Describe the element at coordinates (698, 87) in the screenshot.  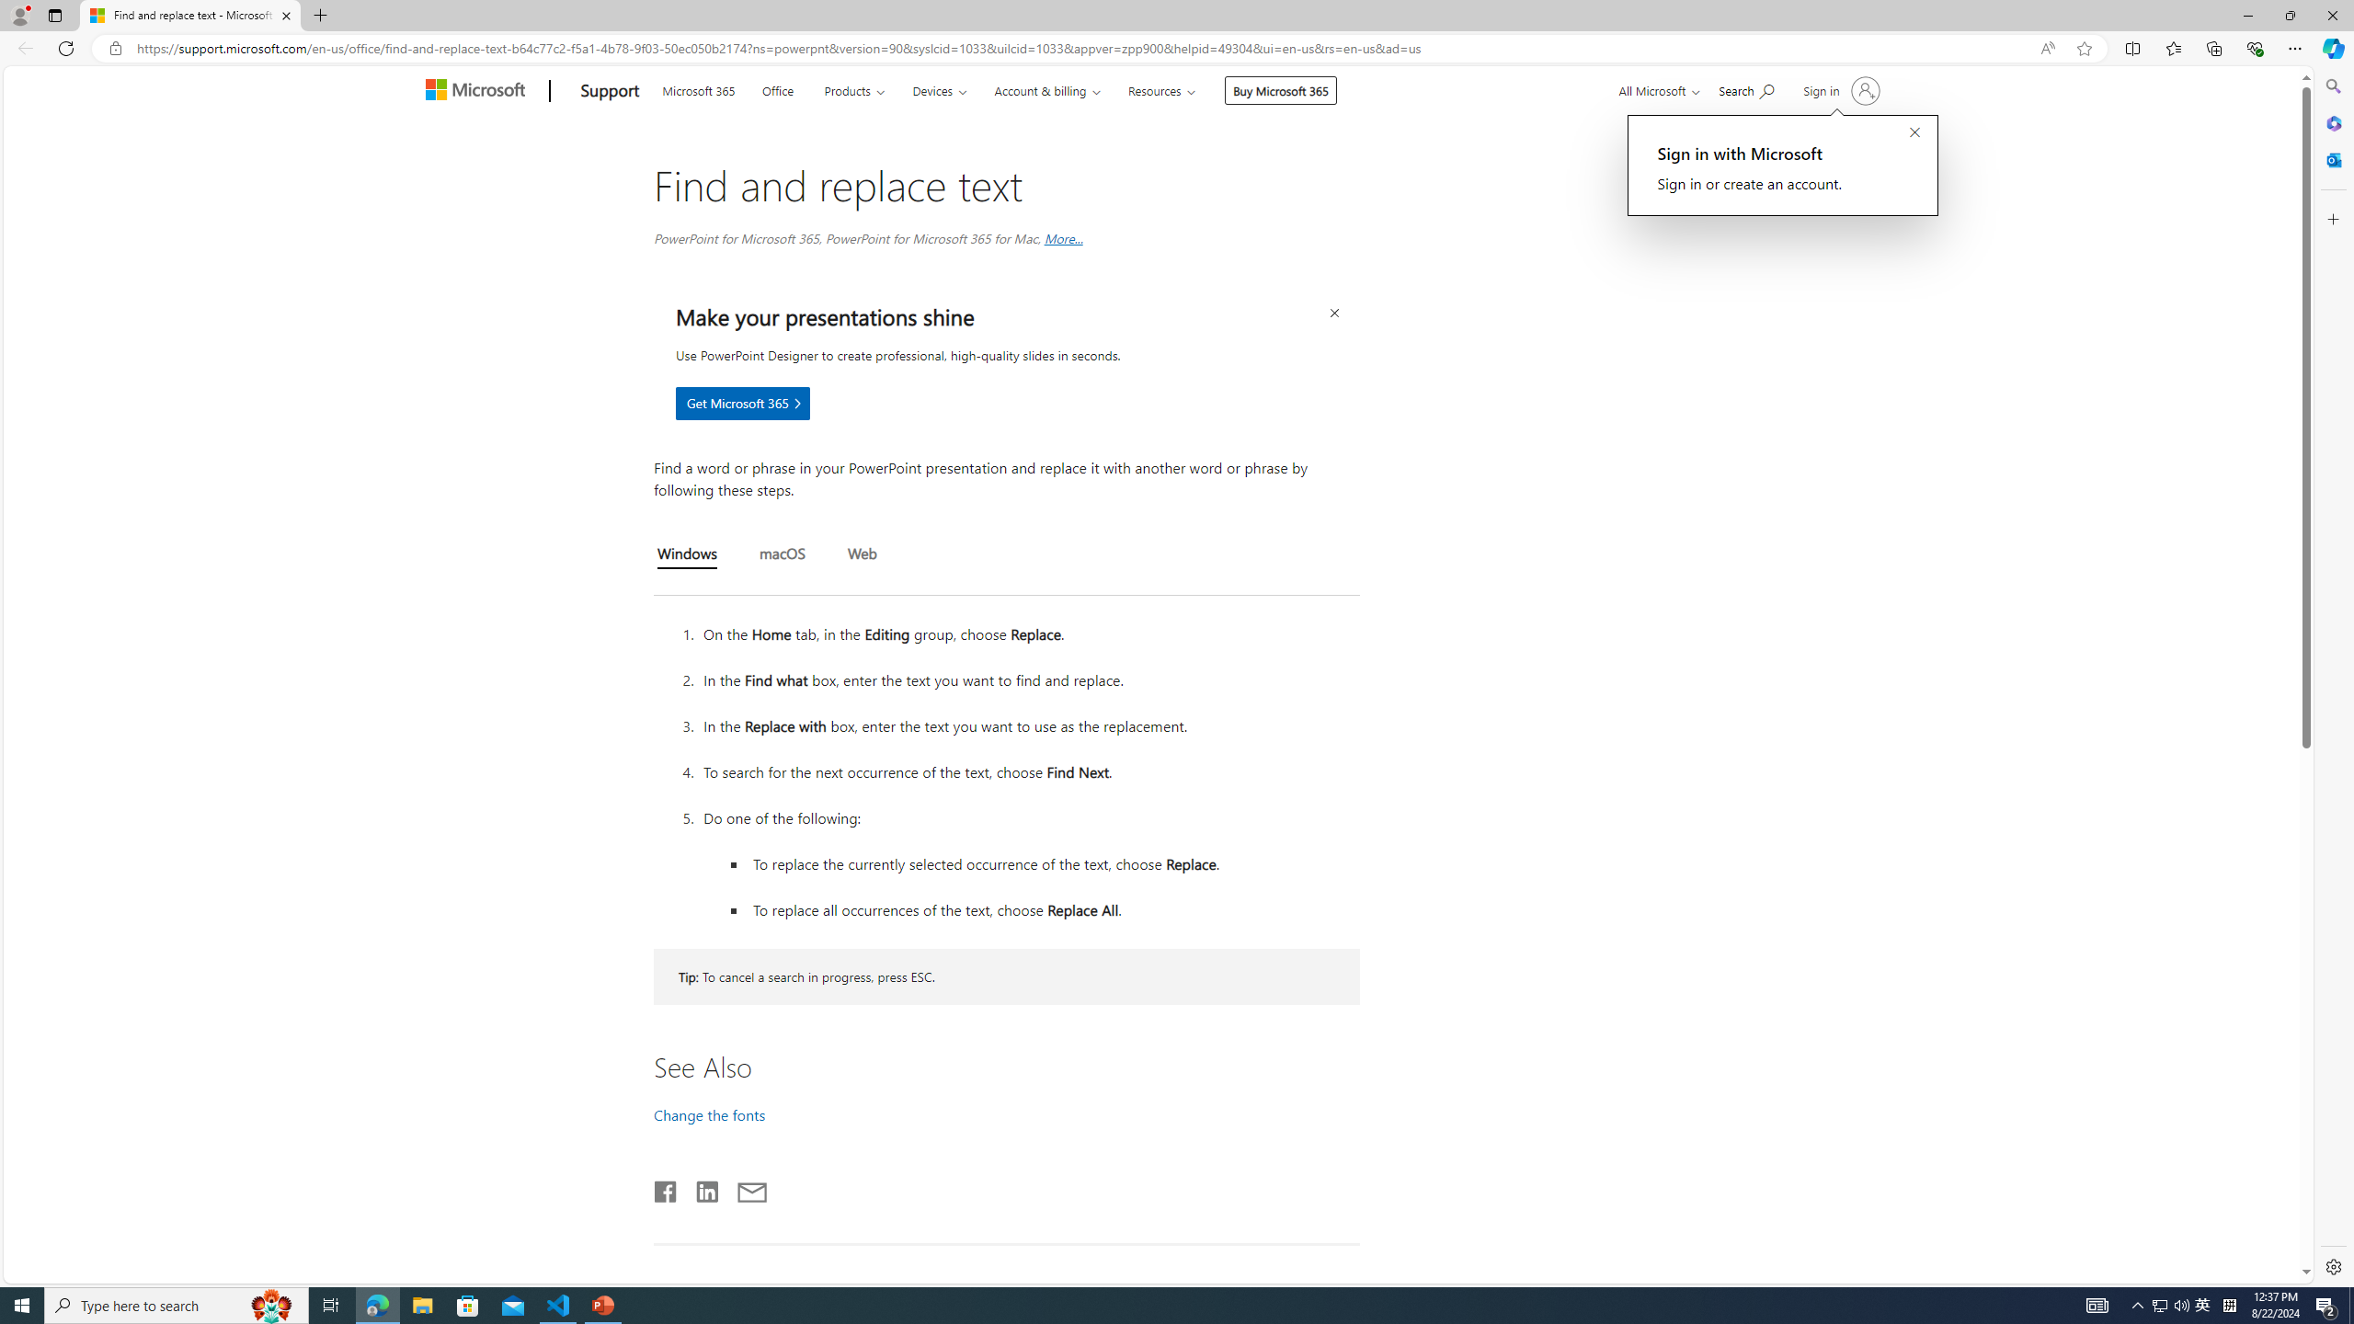
I see `'Microsoft 365'` at that location.